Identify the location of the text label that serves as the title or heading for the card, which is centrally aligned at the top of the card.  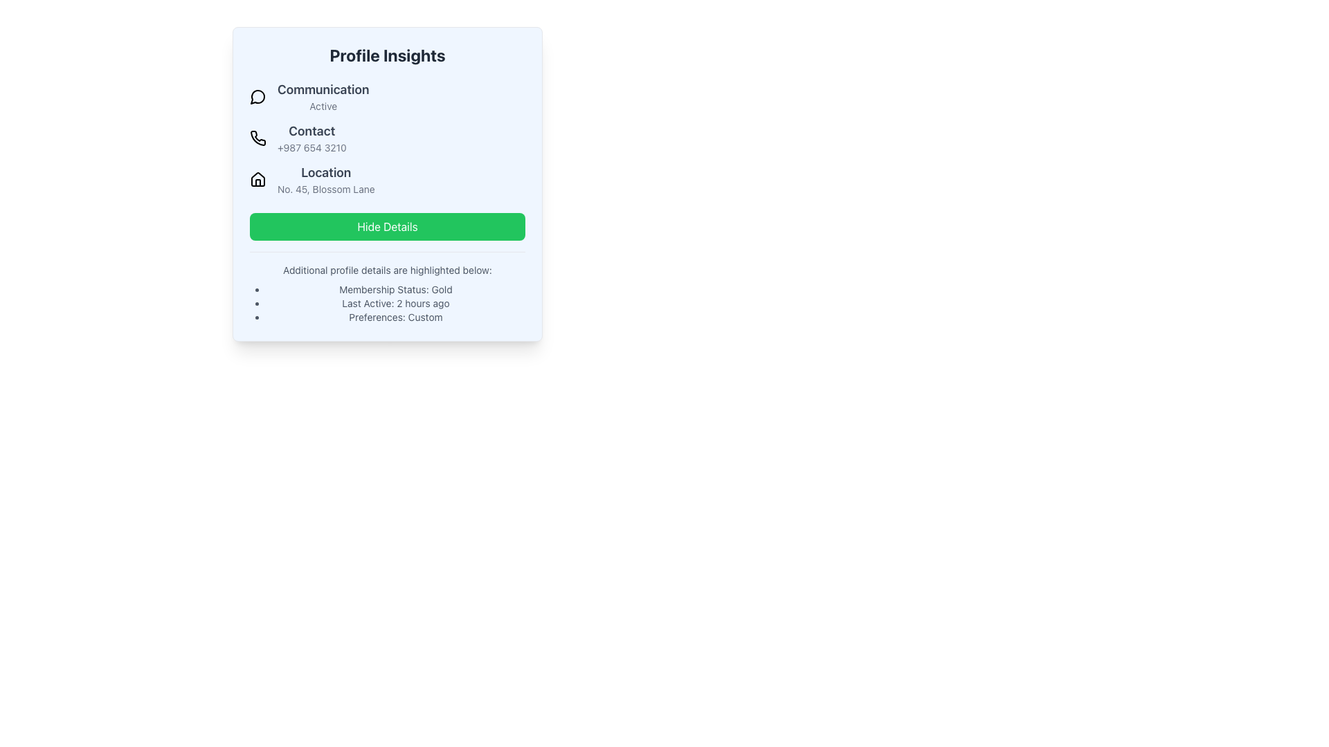
(388, 55).